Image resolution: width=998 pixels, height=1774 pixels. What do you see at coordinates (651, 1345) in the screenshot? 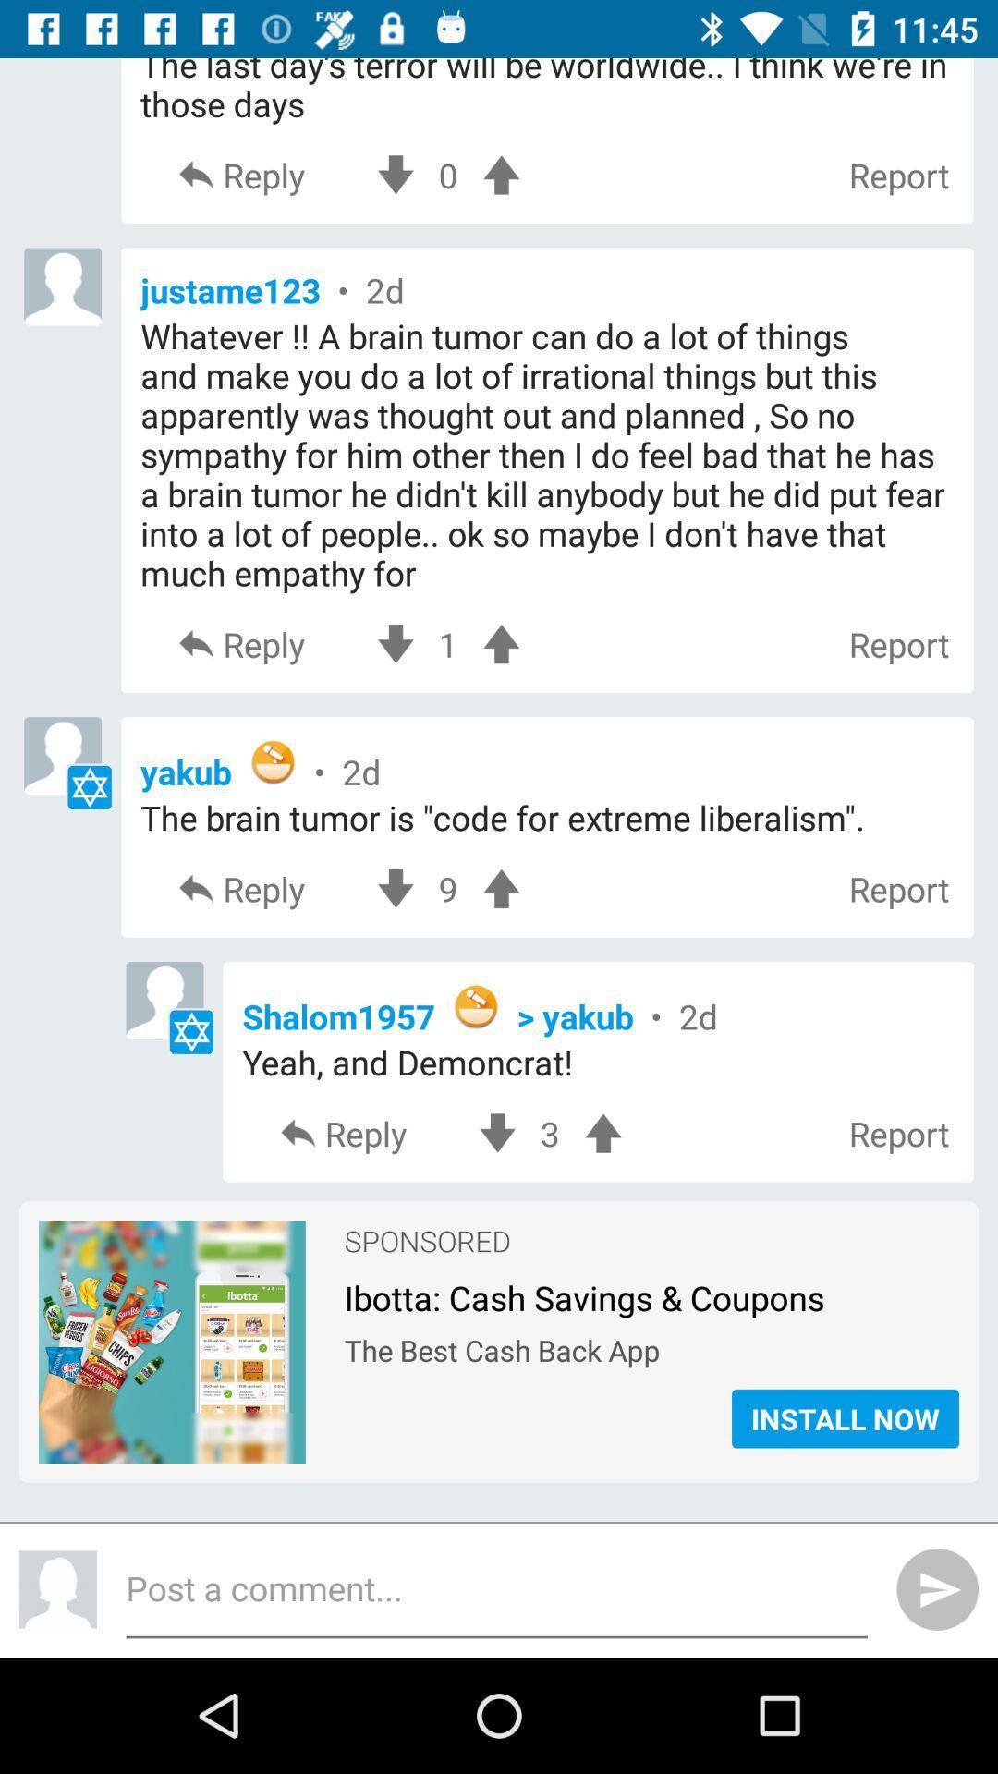
I see `the best cash item` at bounding box center [651, 1345].